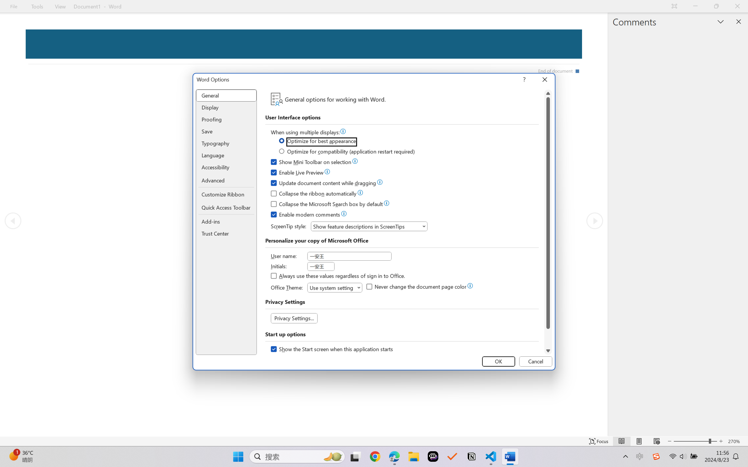  What do you see at coordinates (226, 155) in the screenshot?
I see `'Language'` at bounding box center [226, 155].